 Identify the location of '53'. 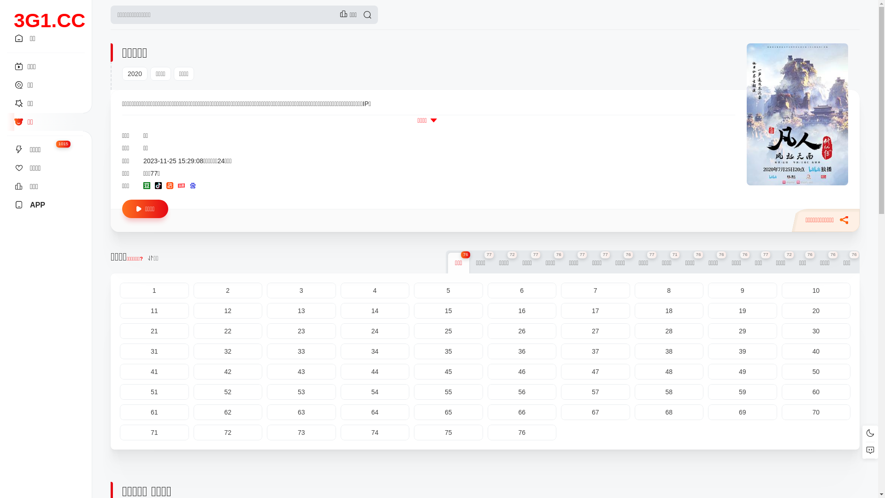
(301, 391).